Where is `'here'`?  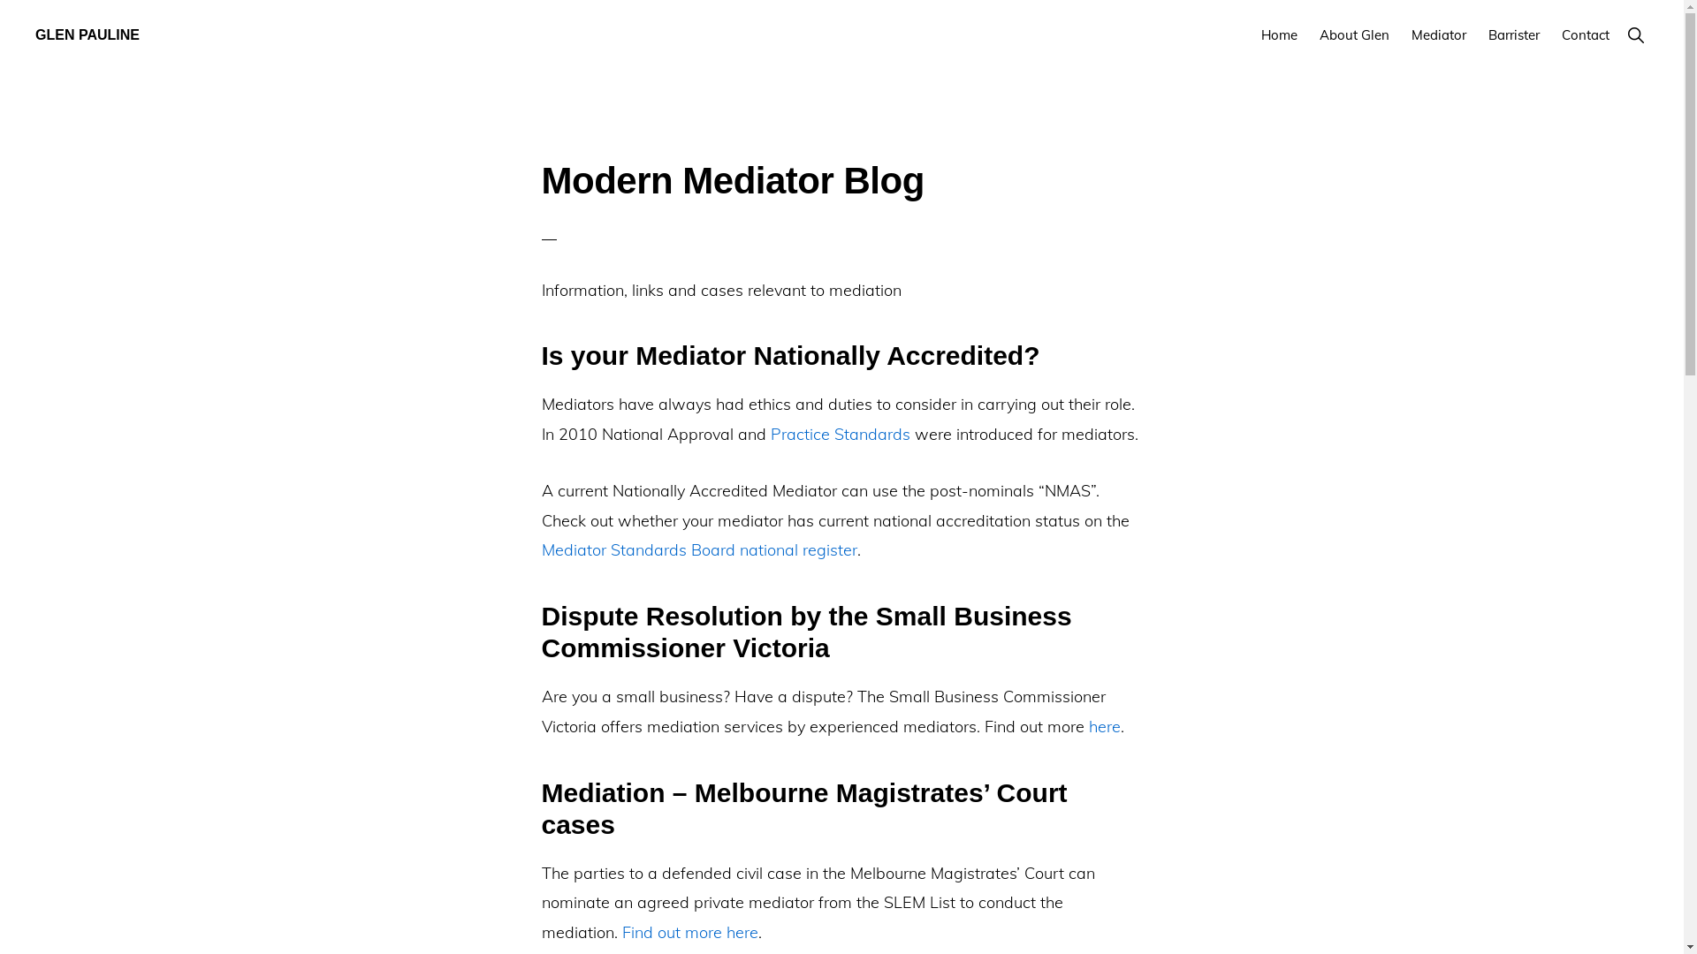
'here' is located at coordinates (1103, 726).